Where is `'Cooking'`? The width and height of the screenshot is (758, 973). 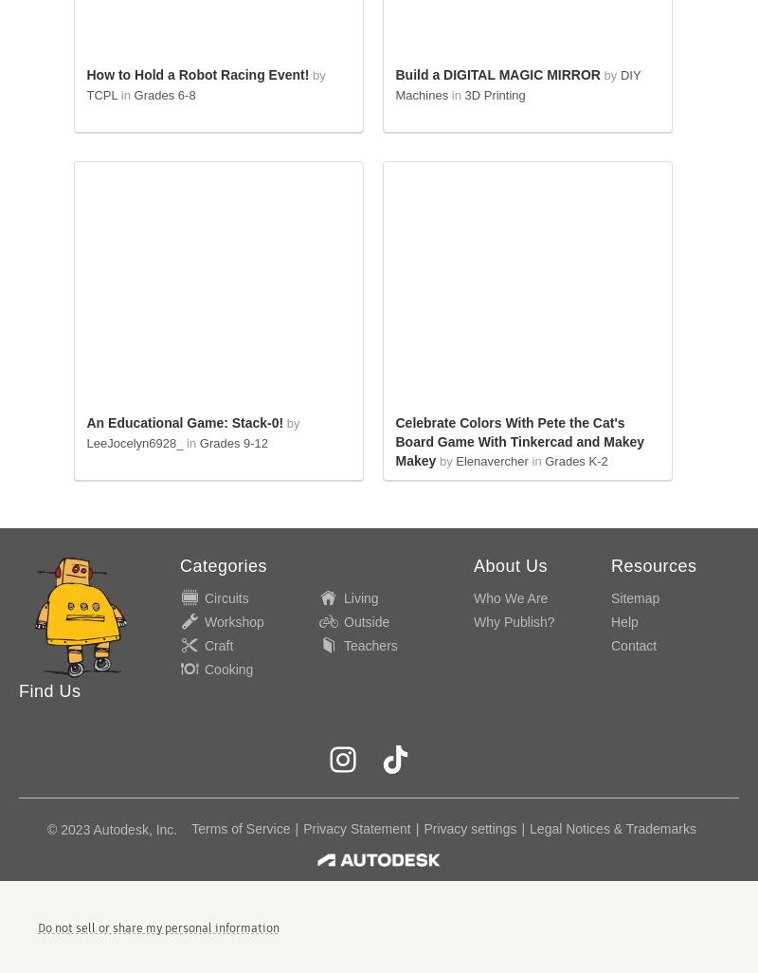 'Cooking' is located at coordinates (227, 667).